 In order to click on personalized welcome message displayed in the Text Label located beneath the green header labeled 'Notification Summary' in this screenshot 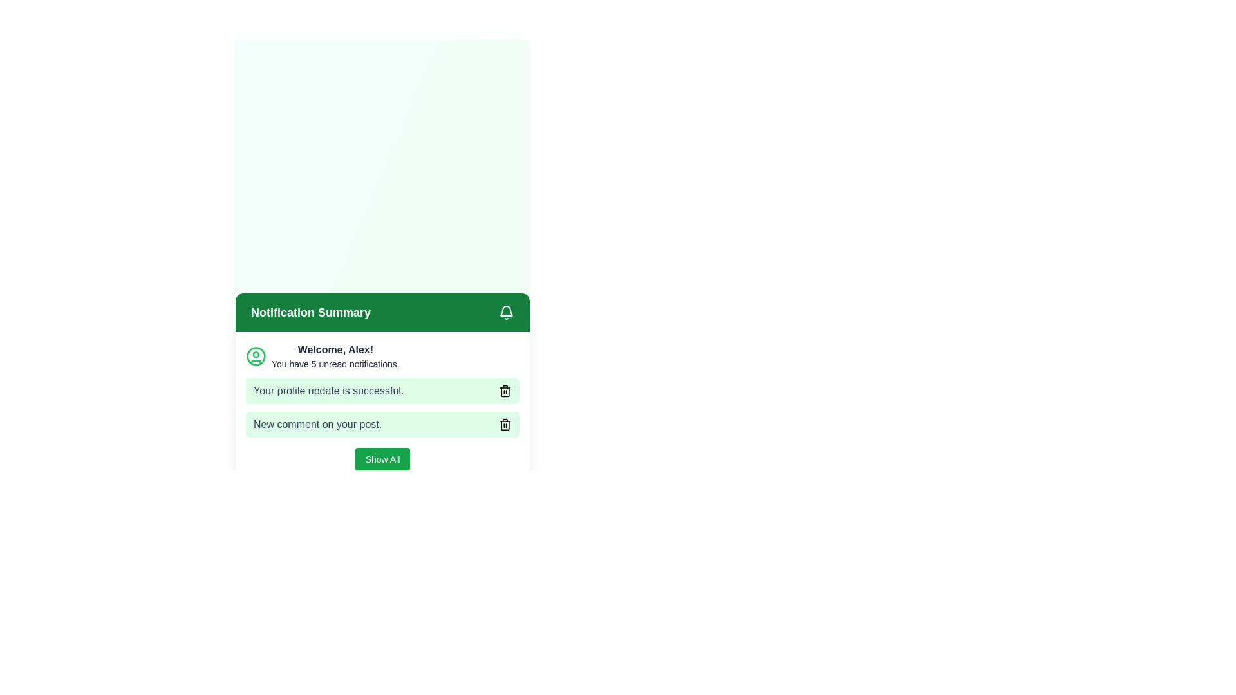, I will do `click(335, 349)`.